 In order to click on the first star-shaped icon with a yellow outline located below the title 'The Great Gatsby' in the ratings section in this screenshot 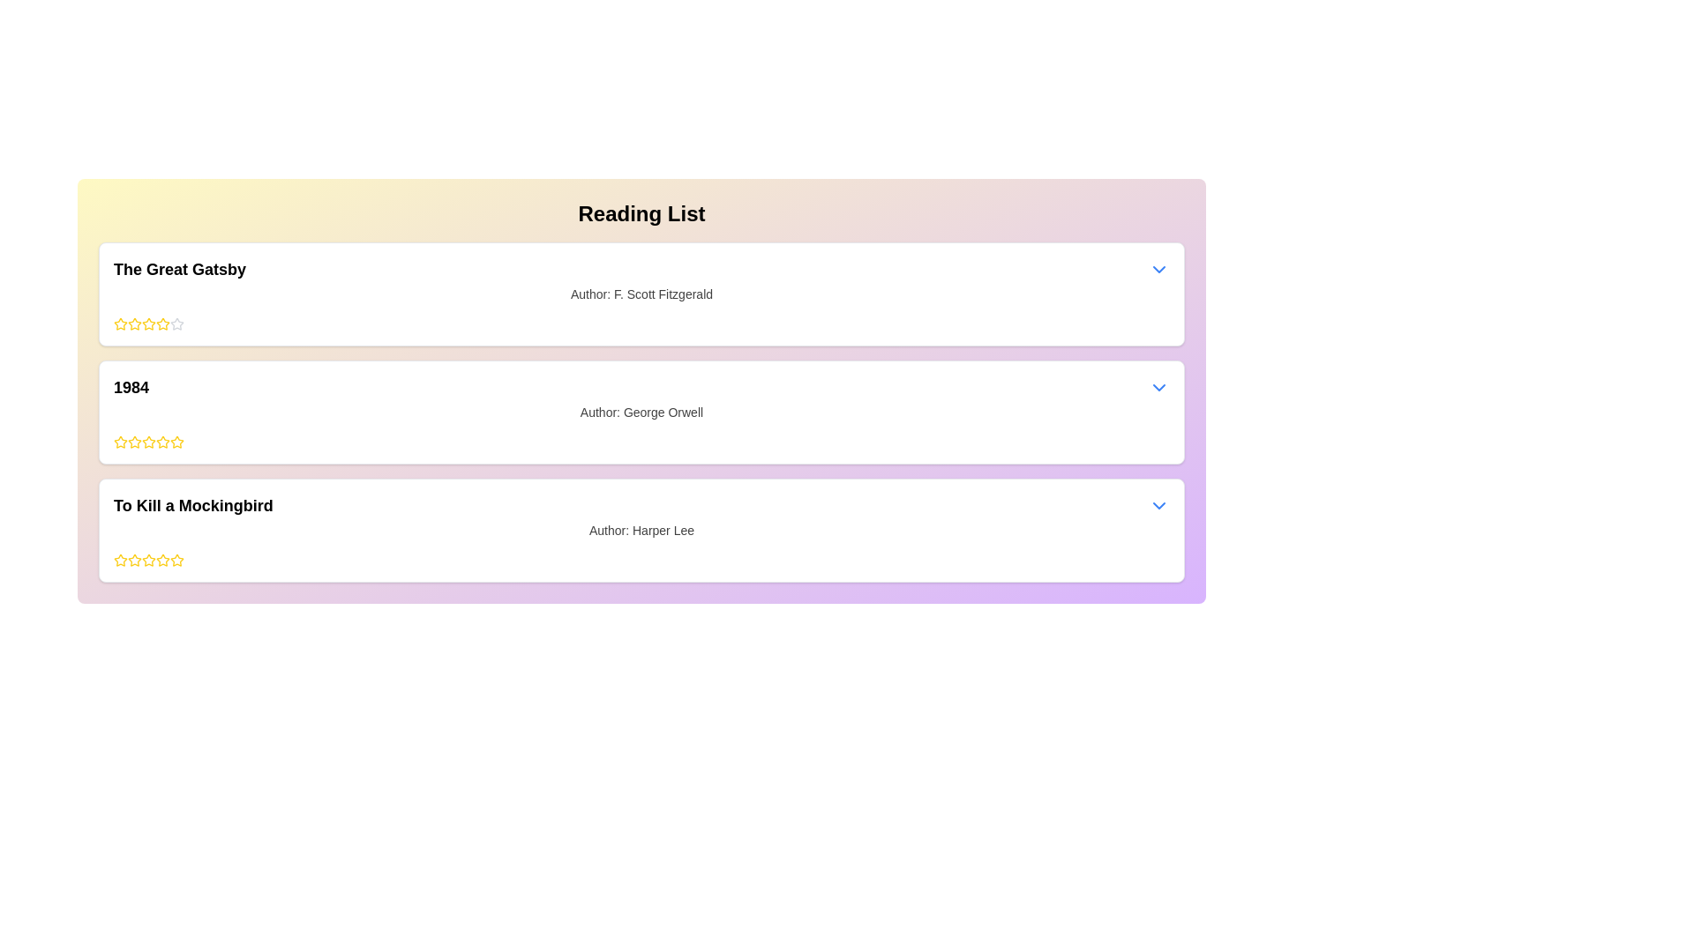, I will do `click(120, 324)`.